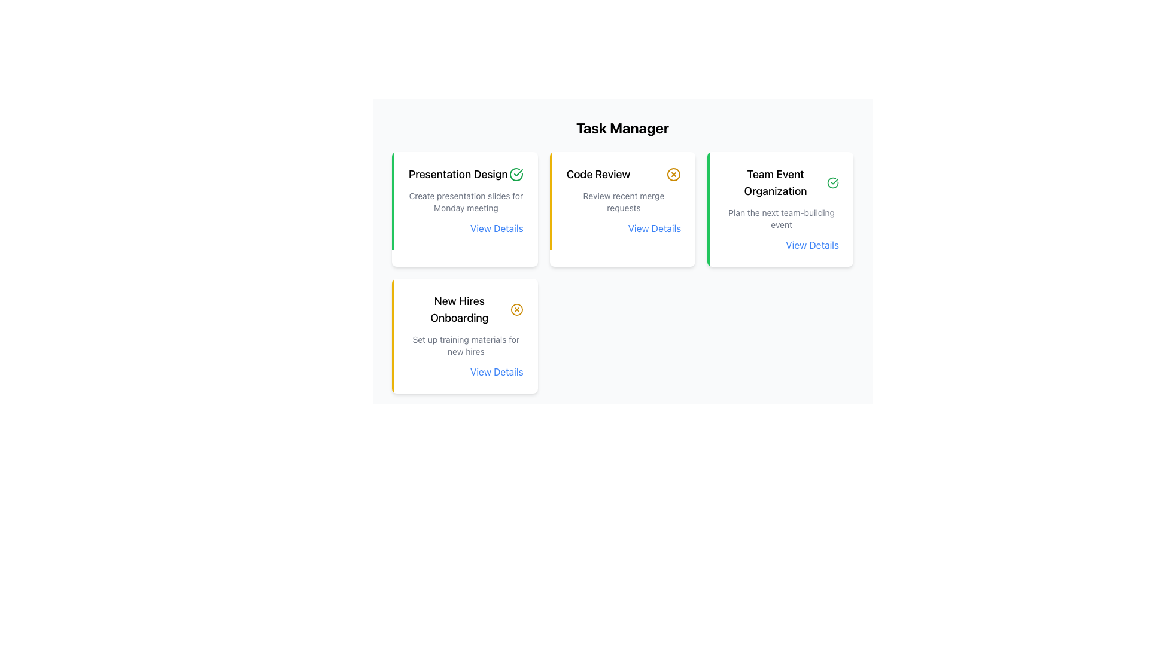 Image resolution: width=1149 pixels, height=646 pixels. What do you see at coordinates (465, 175) in the screenshot?
I see `the 'Presentation Design' text label with a green checkmark icon to possibly reveal further information` at bounding box center [465, 175].